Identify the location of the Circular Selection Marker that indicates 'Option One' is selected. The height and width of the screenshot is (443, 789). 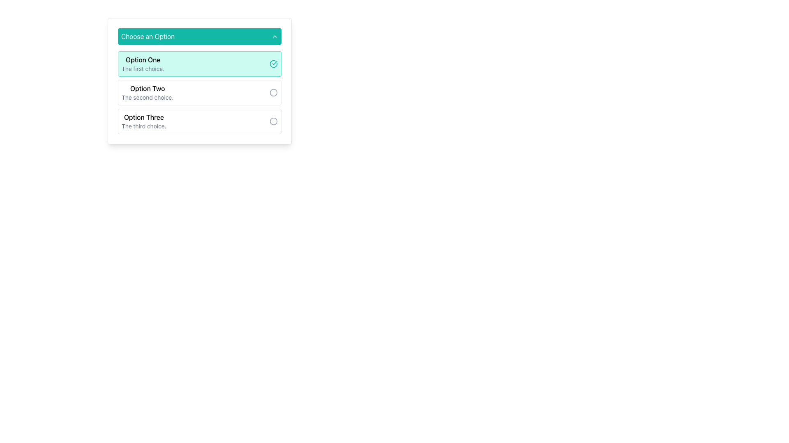
(274, 63).